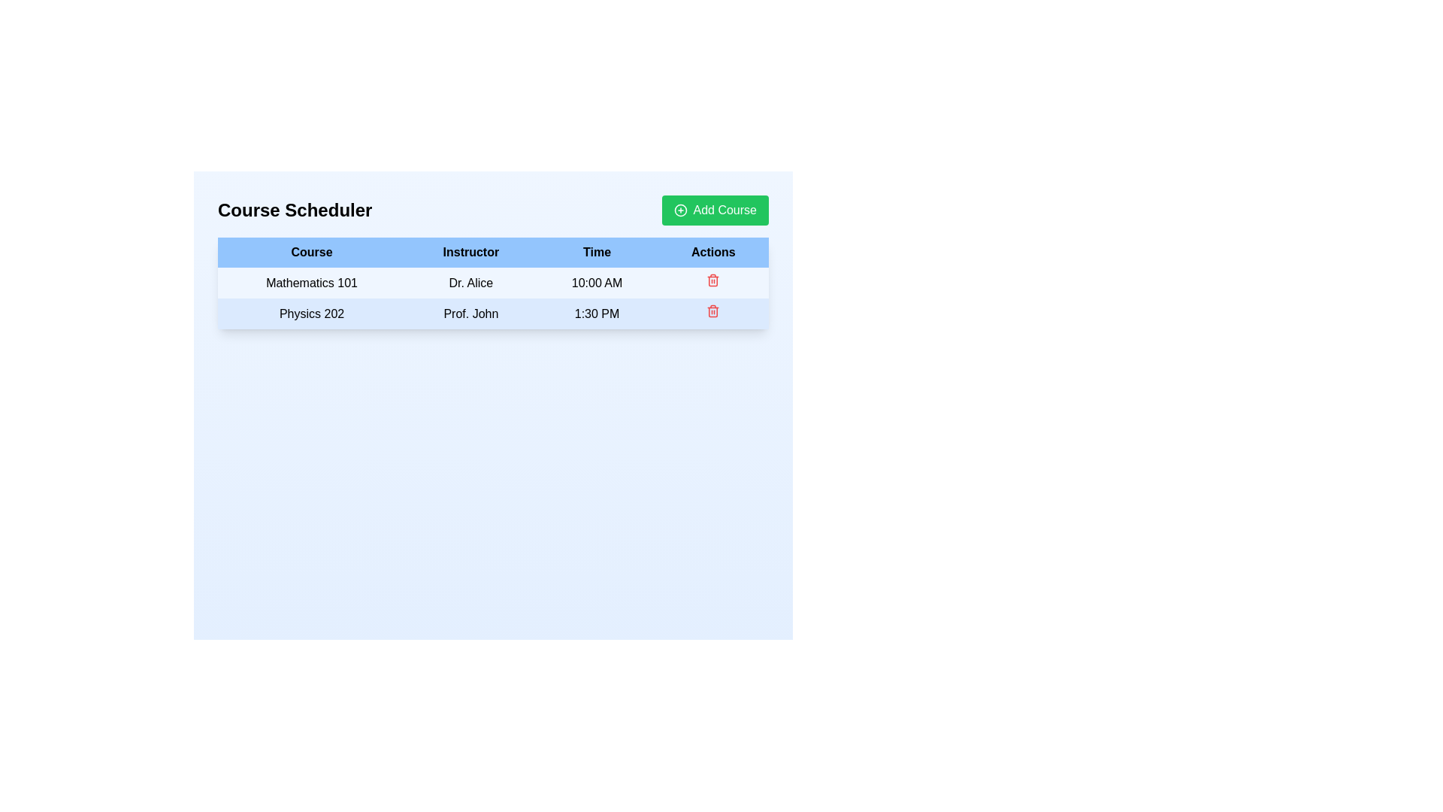 The image size is (1443, 812). I want to click on the 'Physics 202' text label, which denotes the course name and is positioned in the 'Course' column of the second row of the course details table, so click(311, 313).